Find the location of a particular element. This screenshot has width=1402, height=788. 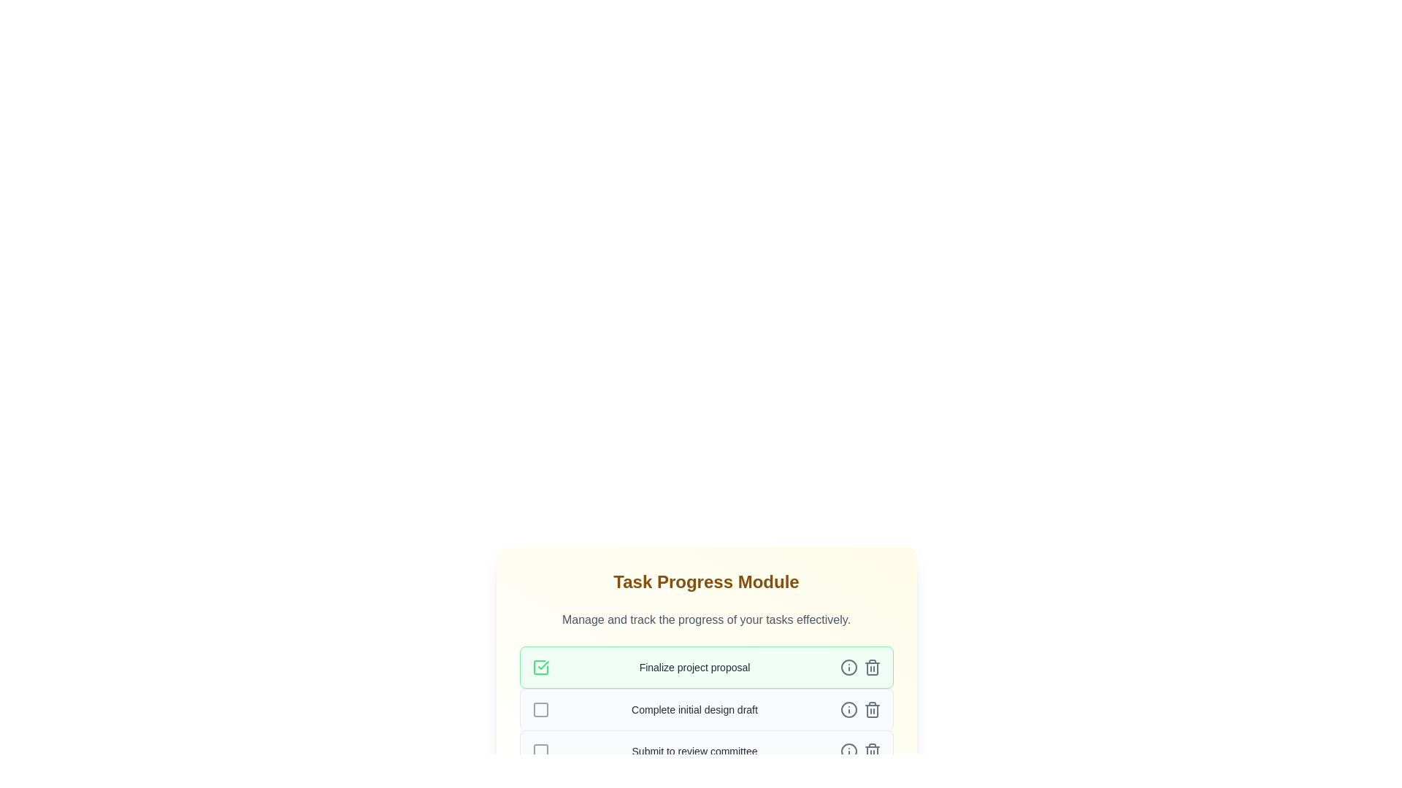

the first list item is located at coordinates (706, 667).